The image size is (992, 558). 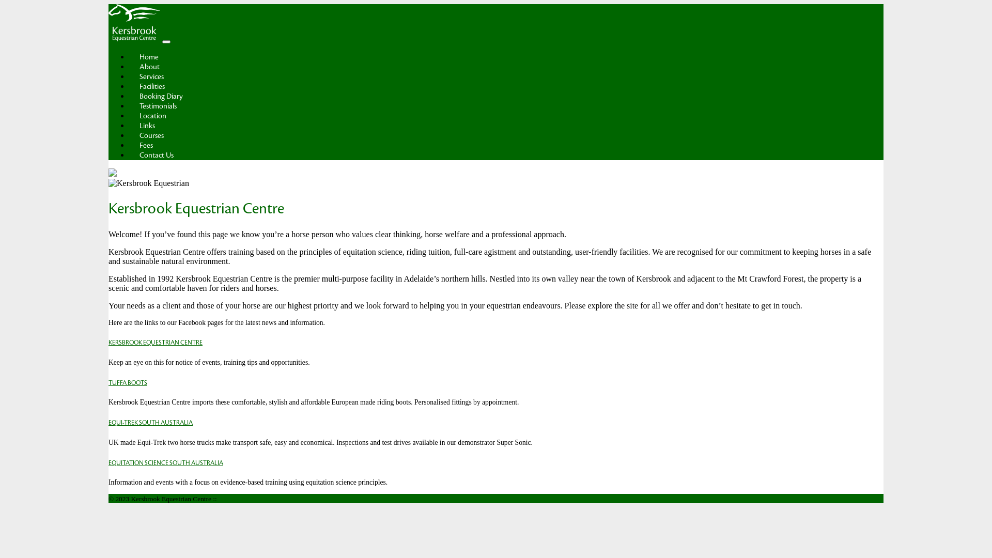 What do you see at coordinates (151, 135) in the screenshot?
I see `'Courses'` at bounding box center [151, 135].